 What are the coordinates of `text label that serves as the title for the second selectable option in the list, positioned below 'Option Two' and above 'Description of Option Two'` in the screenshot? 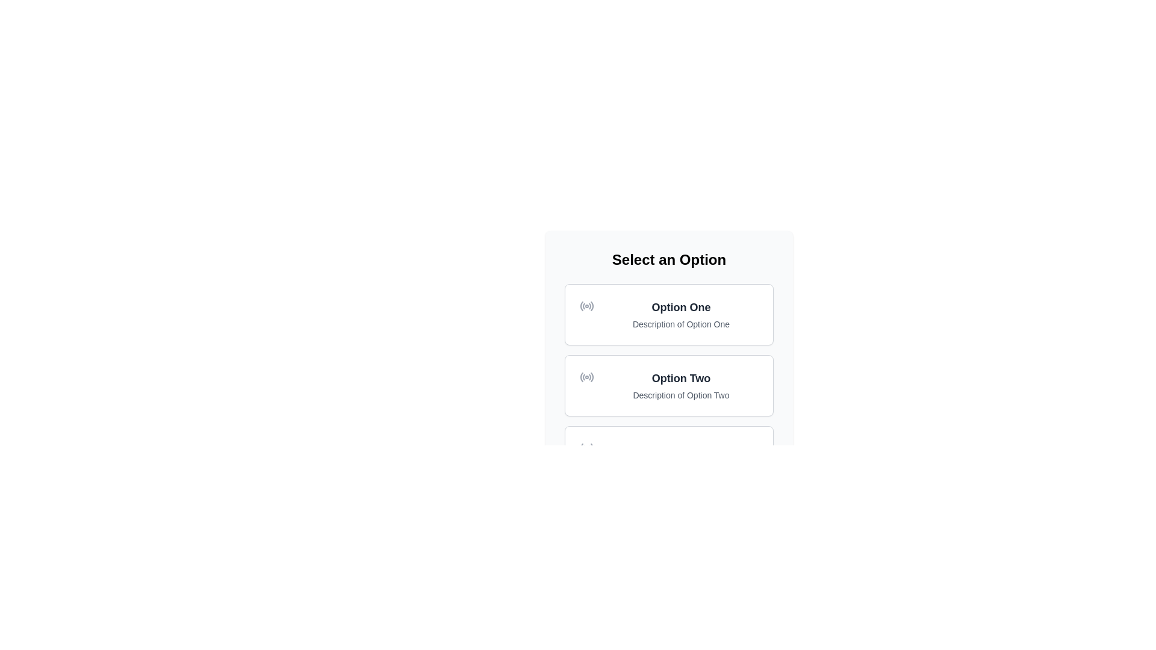 It's located at (681, 377).